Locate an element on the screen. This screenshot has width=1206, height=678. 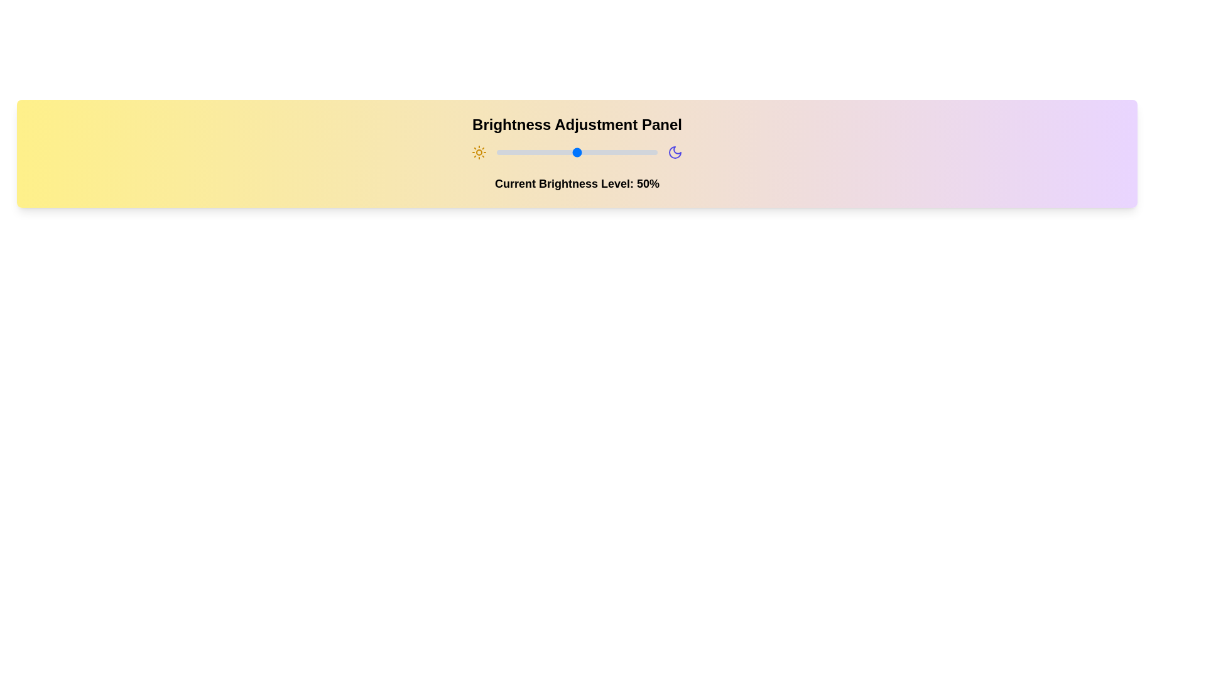
the brightness slider to set the brightness to 99% is located at coordinates (655, 152).